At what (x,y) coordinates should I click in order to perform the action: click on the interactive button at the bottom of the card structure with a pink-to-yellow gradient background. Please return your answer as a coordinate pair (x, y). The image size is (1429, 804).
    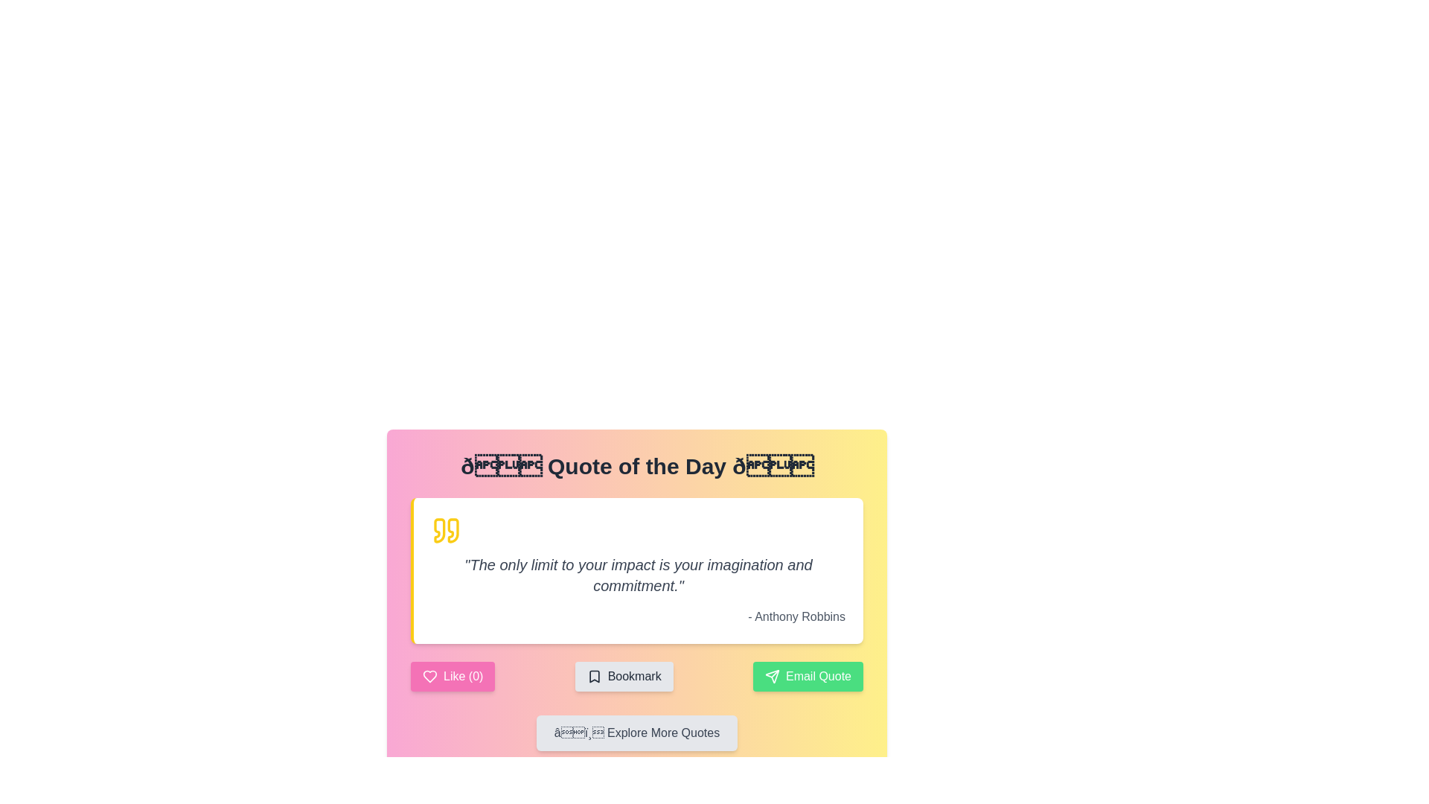
    Looking at the image, I should click on (636, 732).